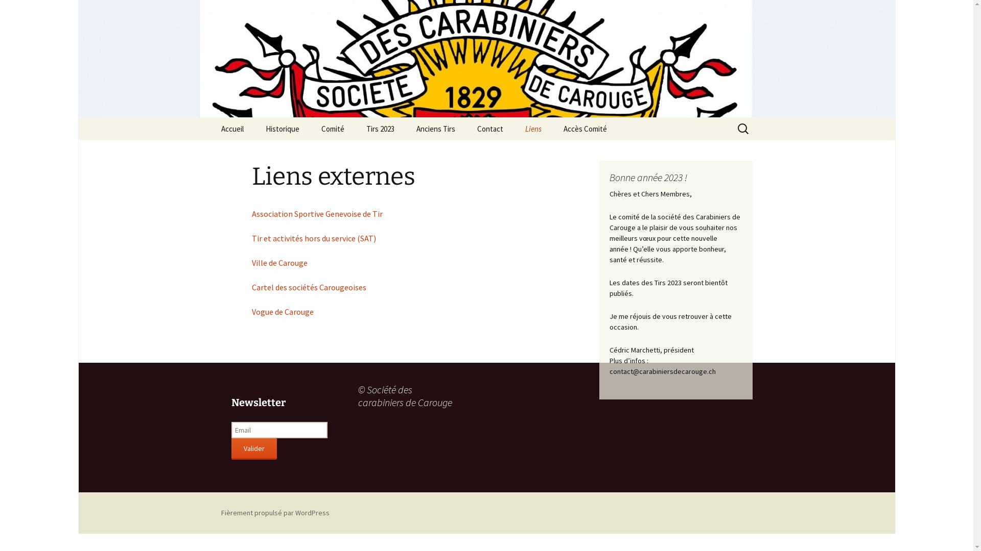 The image size is (981, 551). I want to click on 'Historique', so click(282, 128).